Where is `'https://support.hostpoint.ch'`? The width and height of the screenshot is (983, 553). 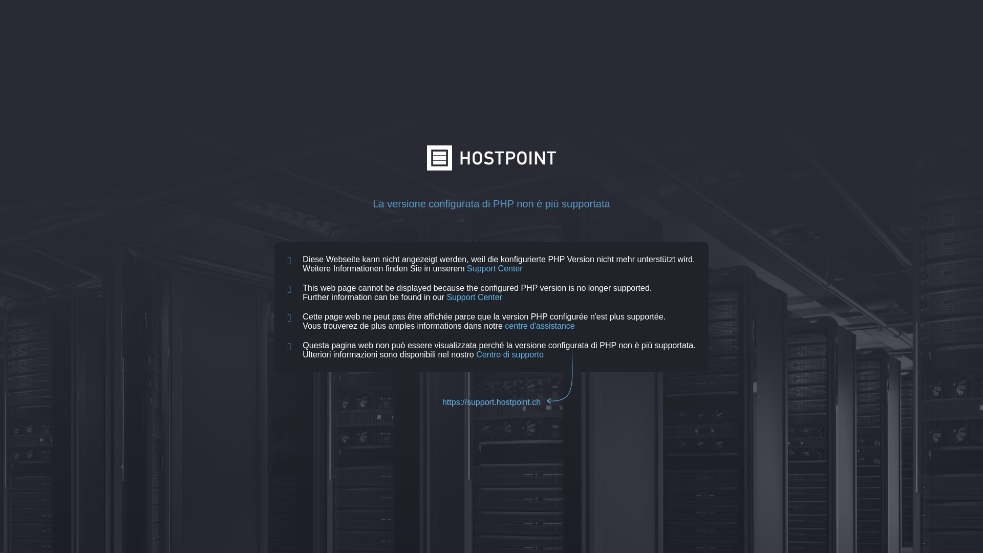
'https://support.hostpoint.ch' is located at coordinates (442, 401).